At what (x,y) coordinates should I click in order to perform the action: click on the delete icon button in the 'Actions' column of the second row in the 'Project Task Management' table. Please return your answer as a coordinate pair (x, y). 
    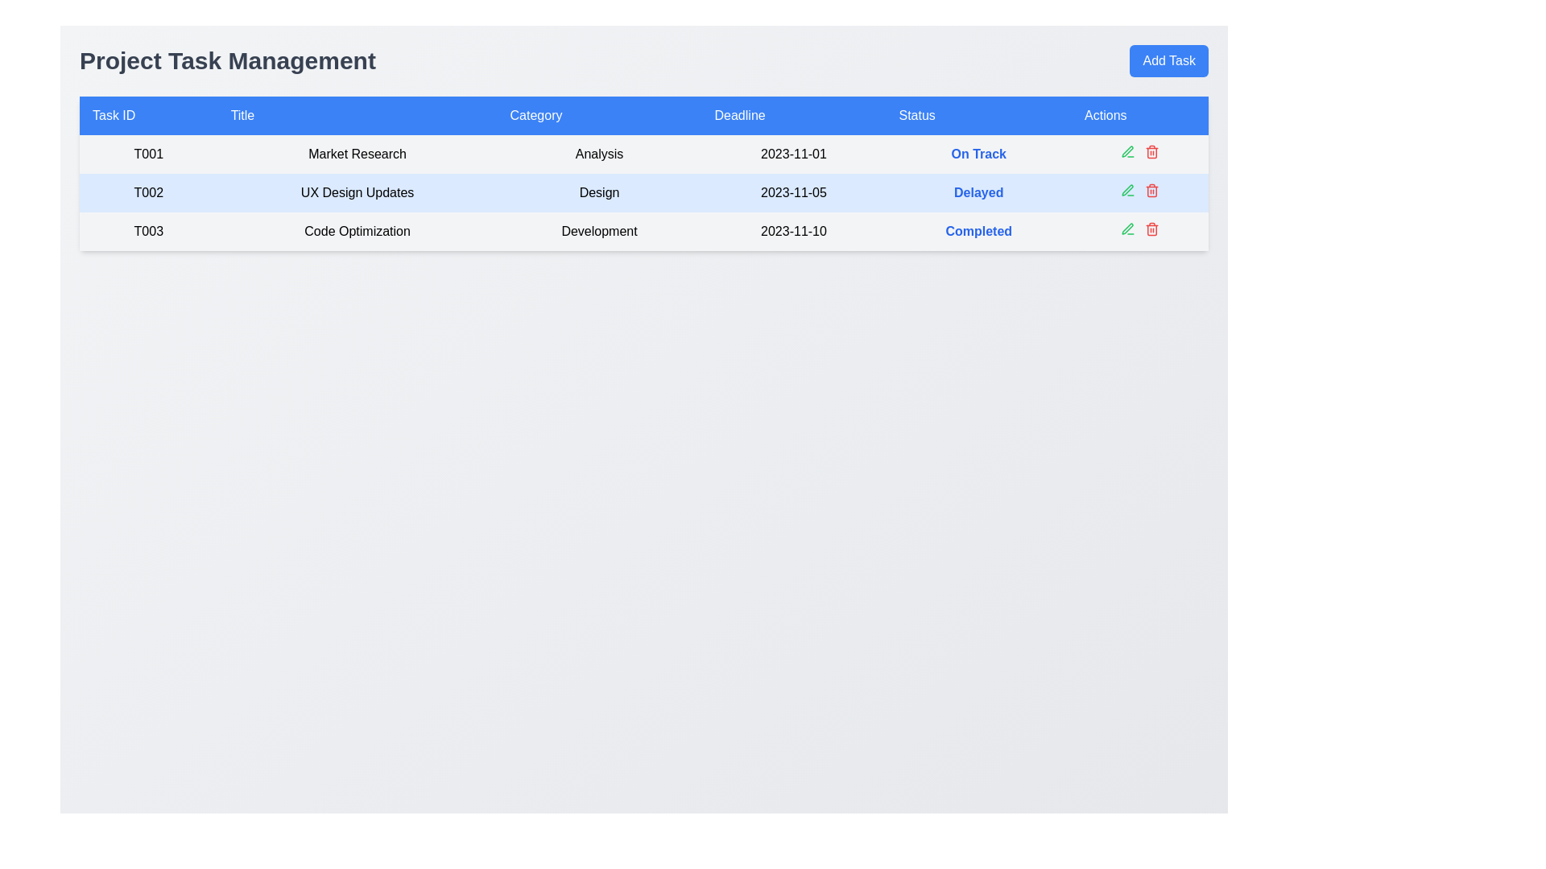
    Looking at the image, I should click on (1151, 152).